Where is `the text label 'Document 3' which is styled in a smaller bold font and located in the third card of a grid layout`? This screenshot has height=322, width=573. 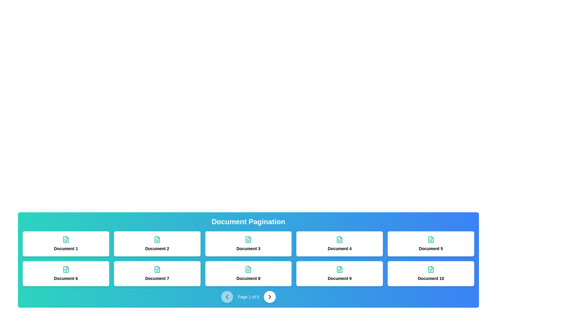
the text label 'Document 3' which is styled in a smaller bold font and located in the third card of a grid layout is located at coordinates (248, 248).